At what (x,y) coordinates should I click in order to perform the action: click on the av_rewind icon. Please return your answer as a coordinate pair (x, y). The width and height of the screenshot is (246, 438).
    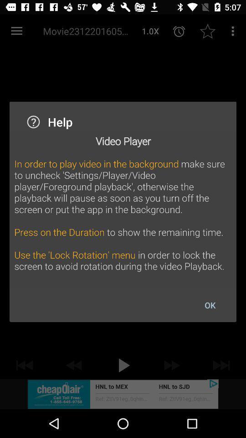
    Looking at the image, I should click on (25, 365).